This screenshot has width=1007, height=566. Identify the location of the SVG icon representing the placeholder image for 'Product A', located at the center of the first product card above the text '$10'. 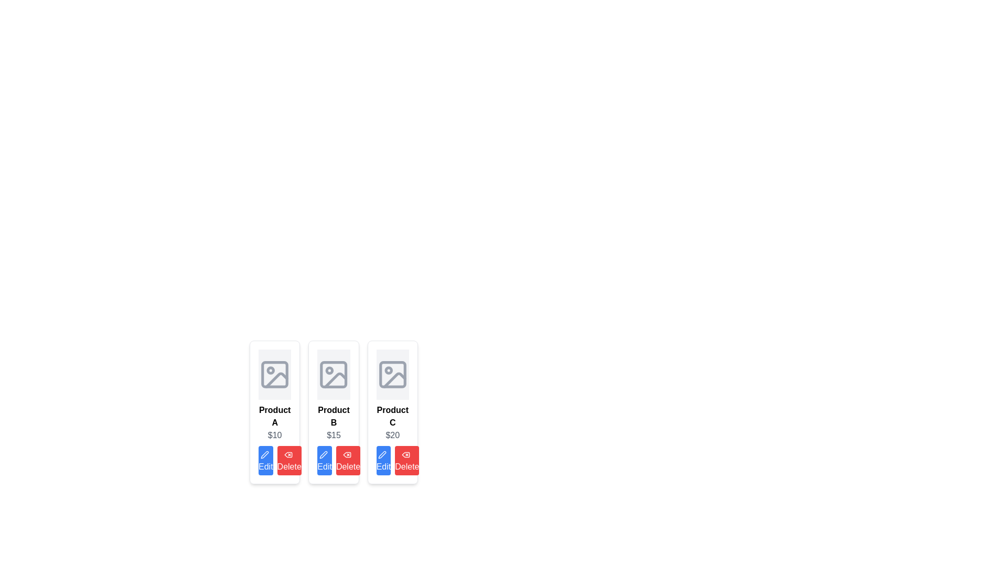
(275, 374).